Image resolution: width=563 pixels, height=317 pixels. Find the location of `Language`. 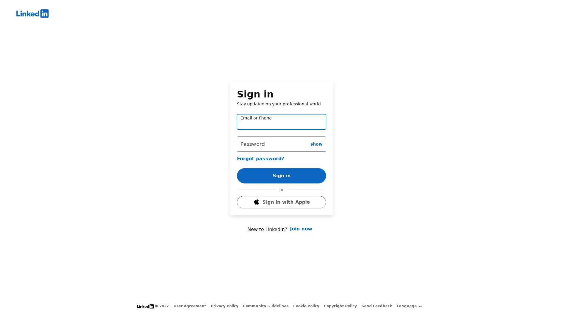

Language is located at coordinates (409, 306).